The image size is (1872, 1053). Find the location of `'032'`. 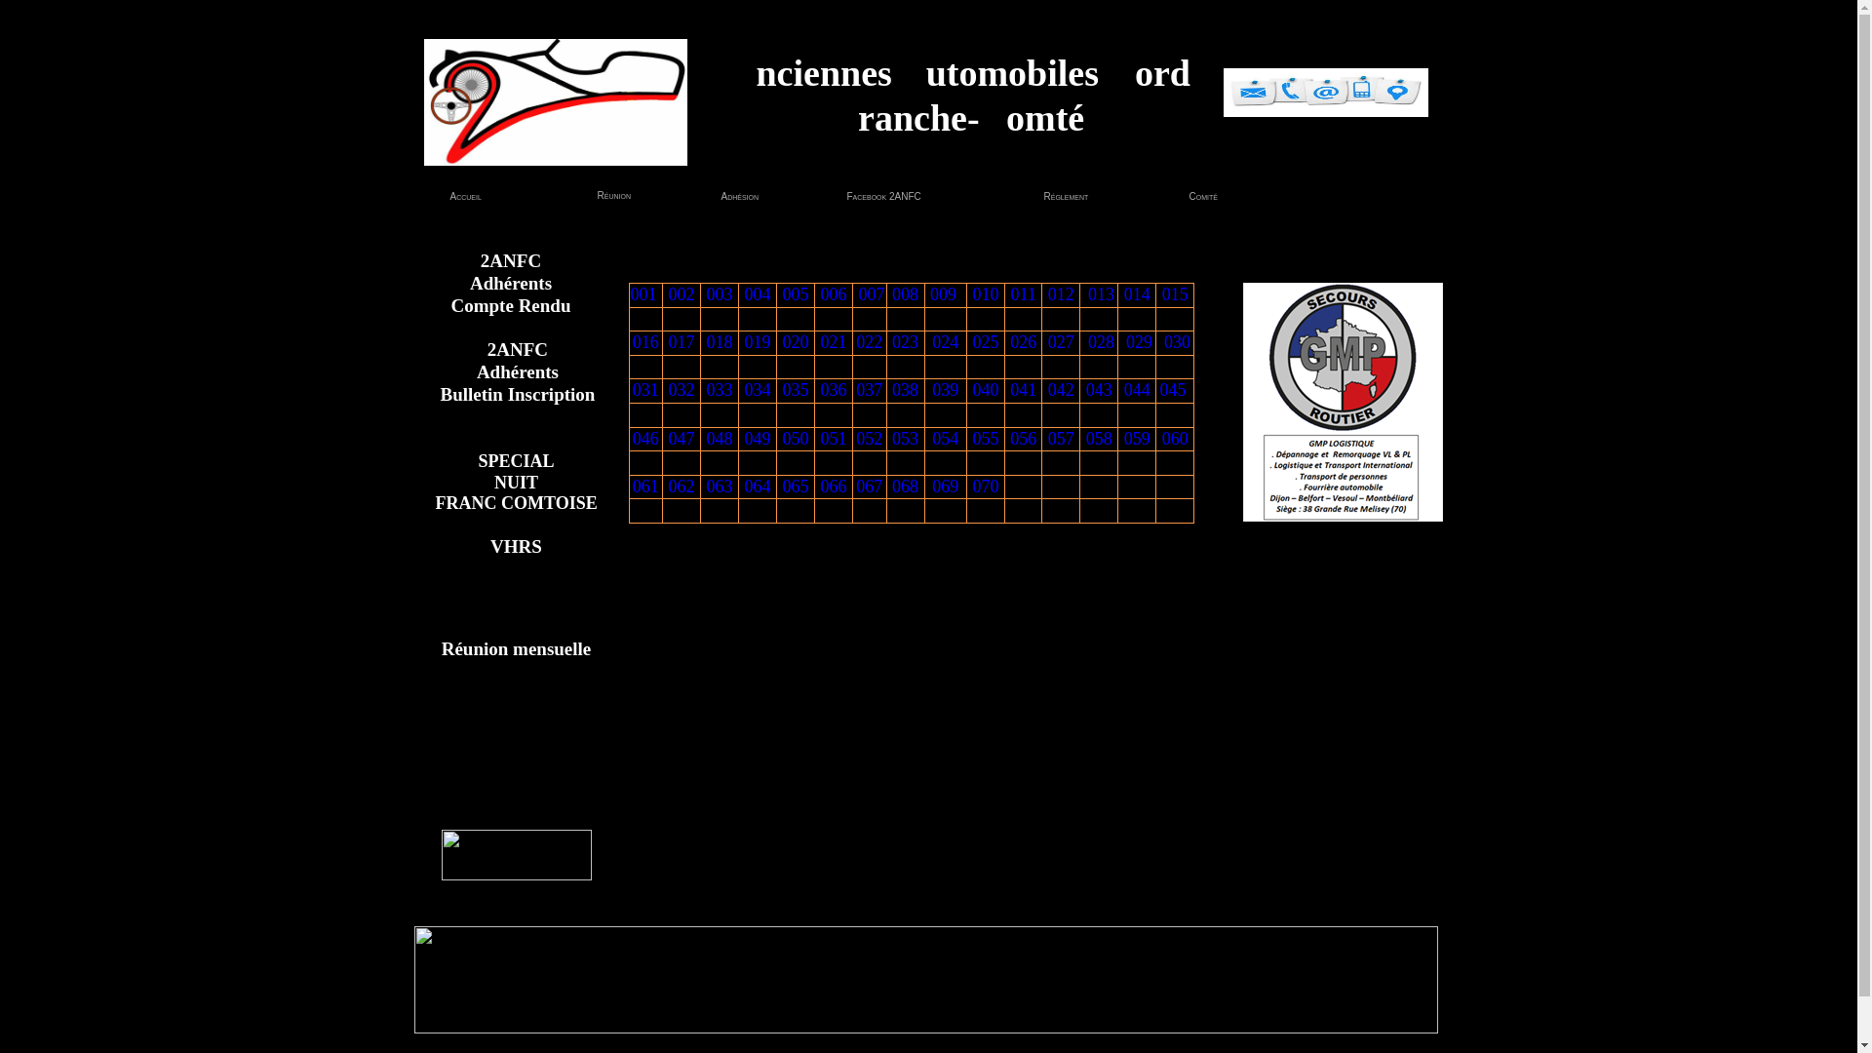

'032' is located at coordinates (682, 390).